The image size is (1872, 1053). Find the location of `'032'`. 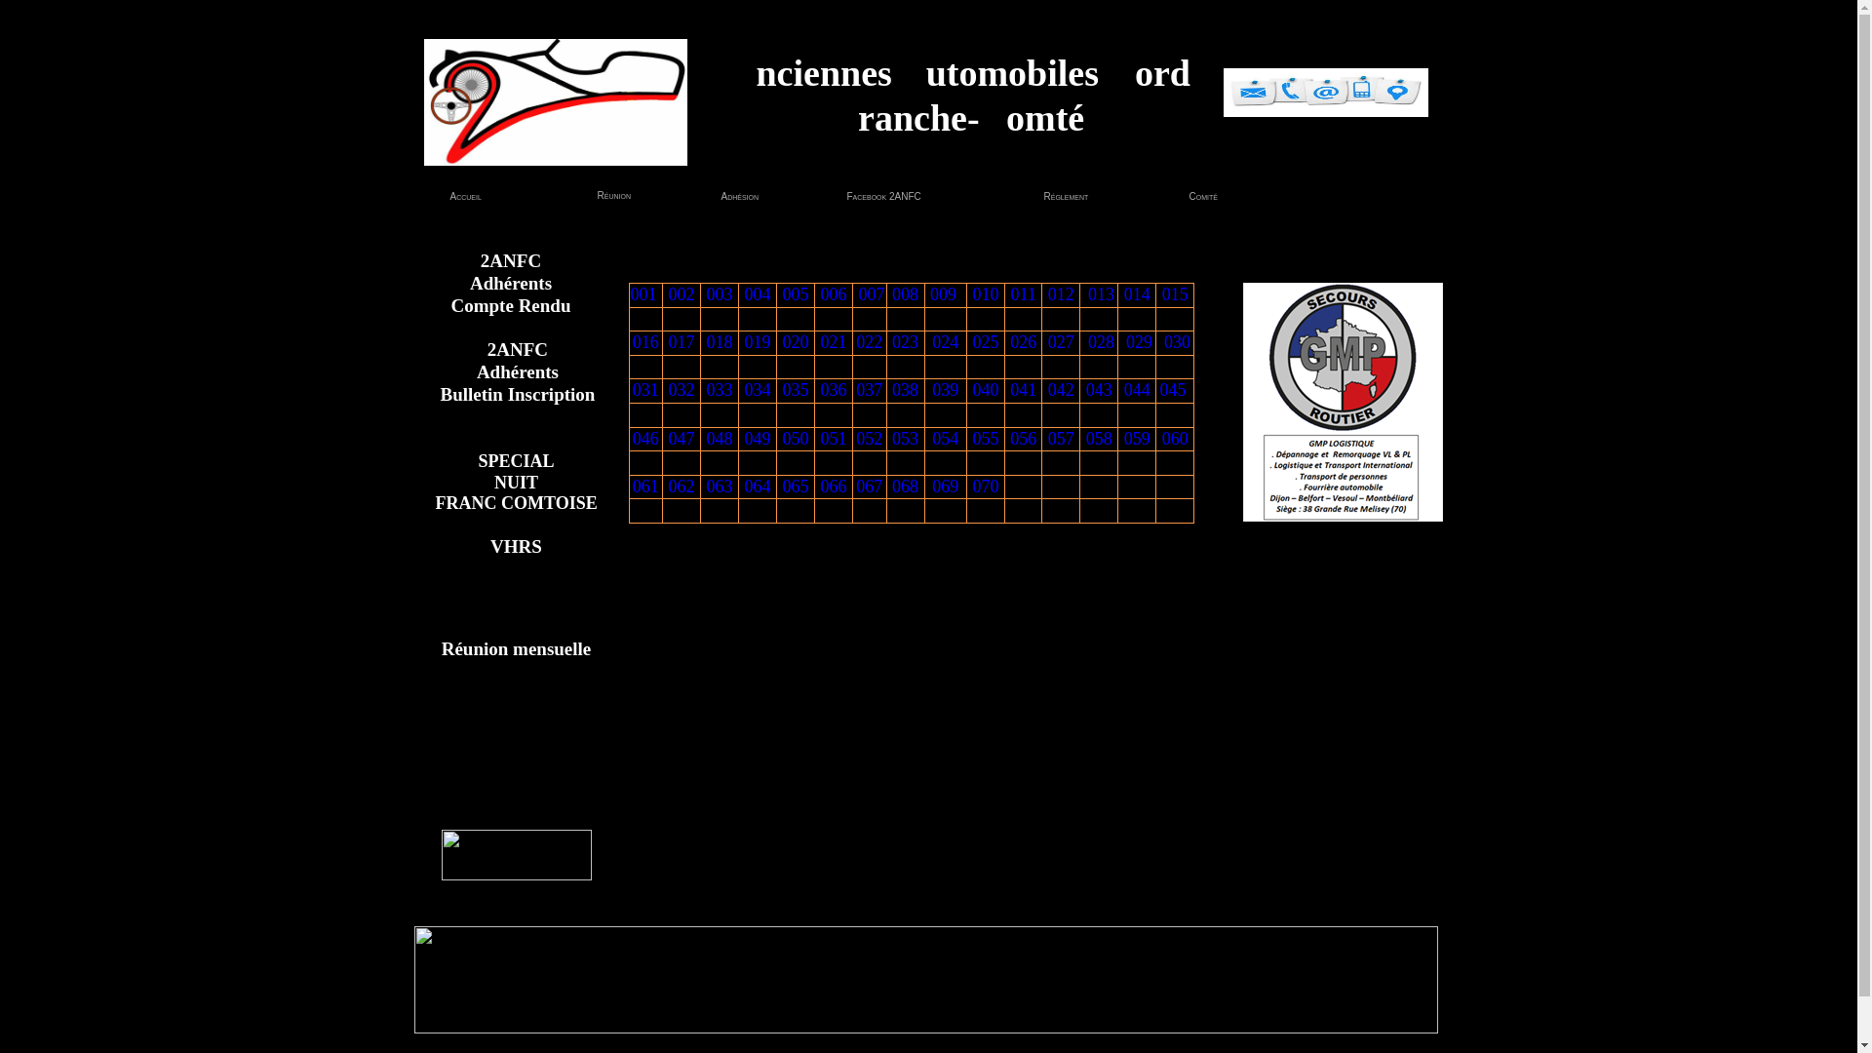

'032' is located at coordinates (682, 390).